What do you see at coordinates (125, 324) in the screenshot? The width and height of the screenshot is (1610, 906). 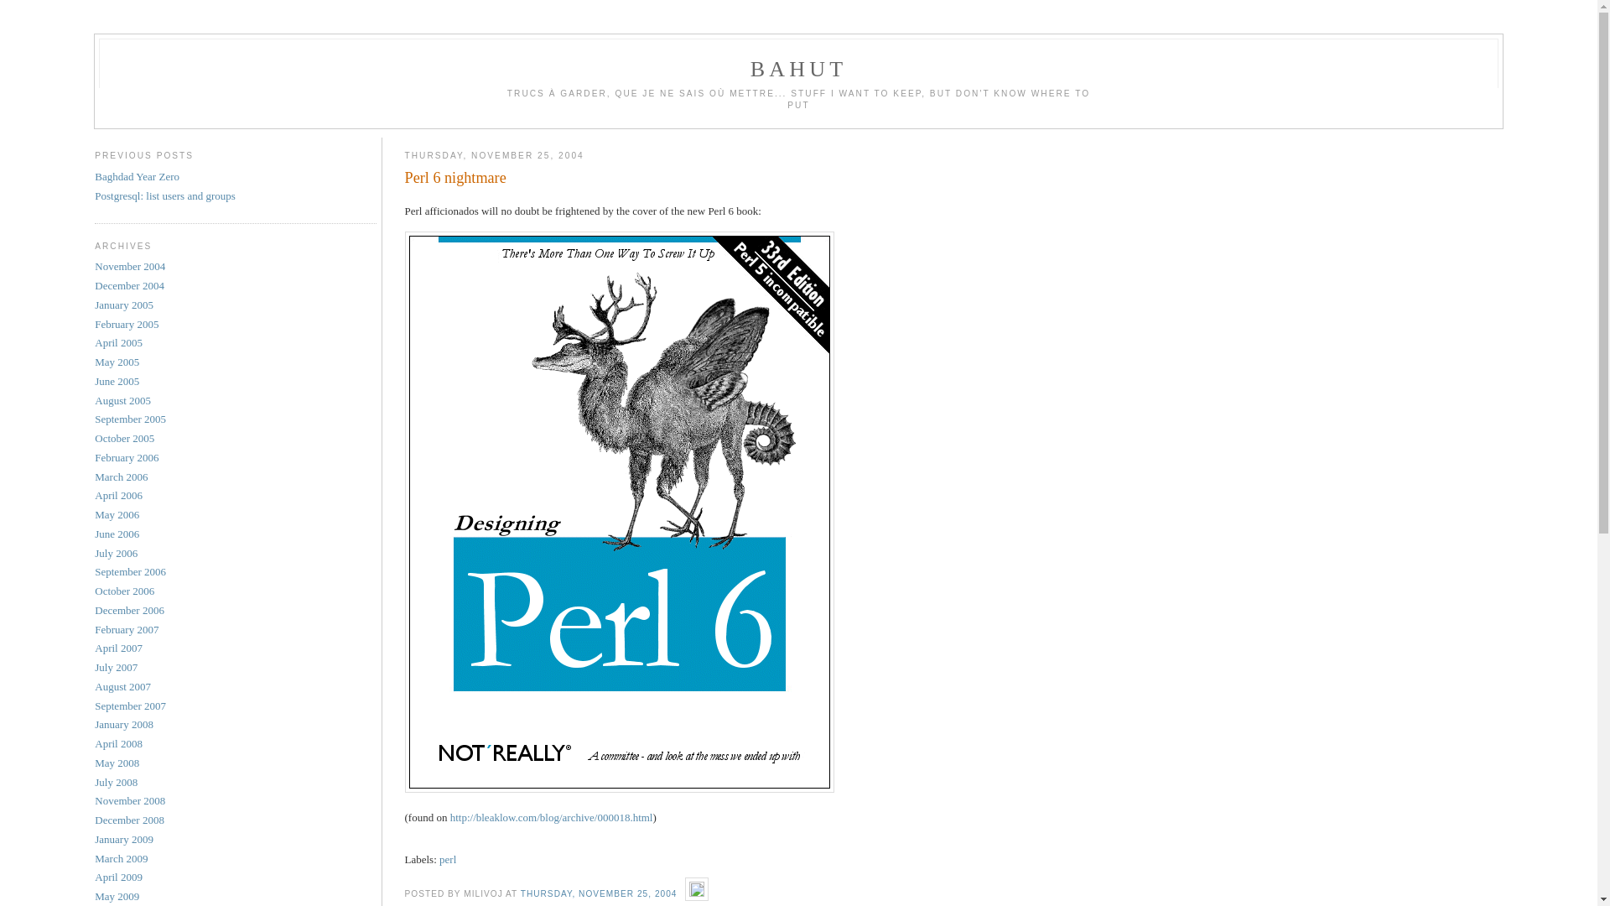 I see `'February 2005'` at bounding box center [125, 324].